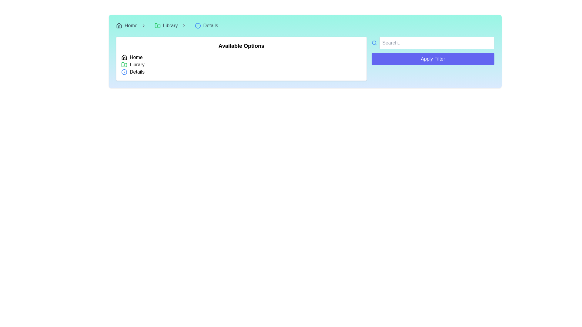 Image resolution: width=582 pixels, height=327 pixels. What do you see at coordinates (124, 64) in the screenshot?
I see `the green folder icon with a plus sign inside it, located to the left of the 'Library' text in the vertical list` at bounding box center [124, 64].